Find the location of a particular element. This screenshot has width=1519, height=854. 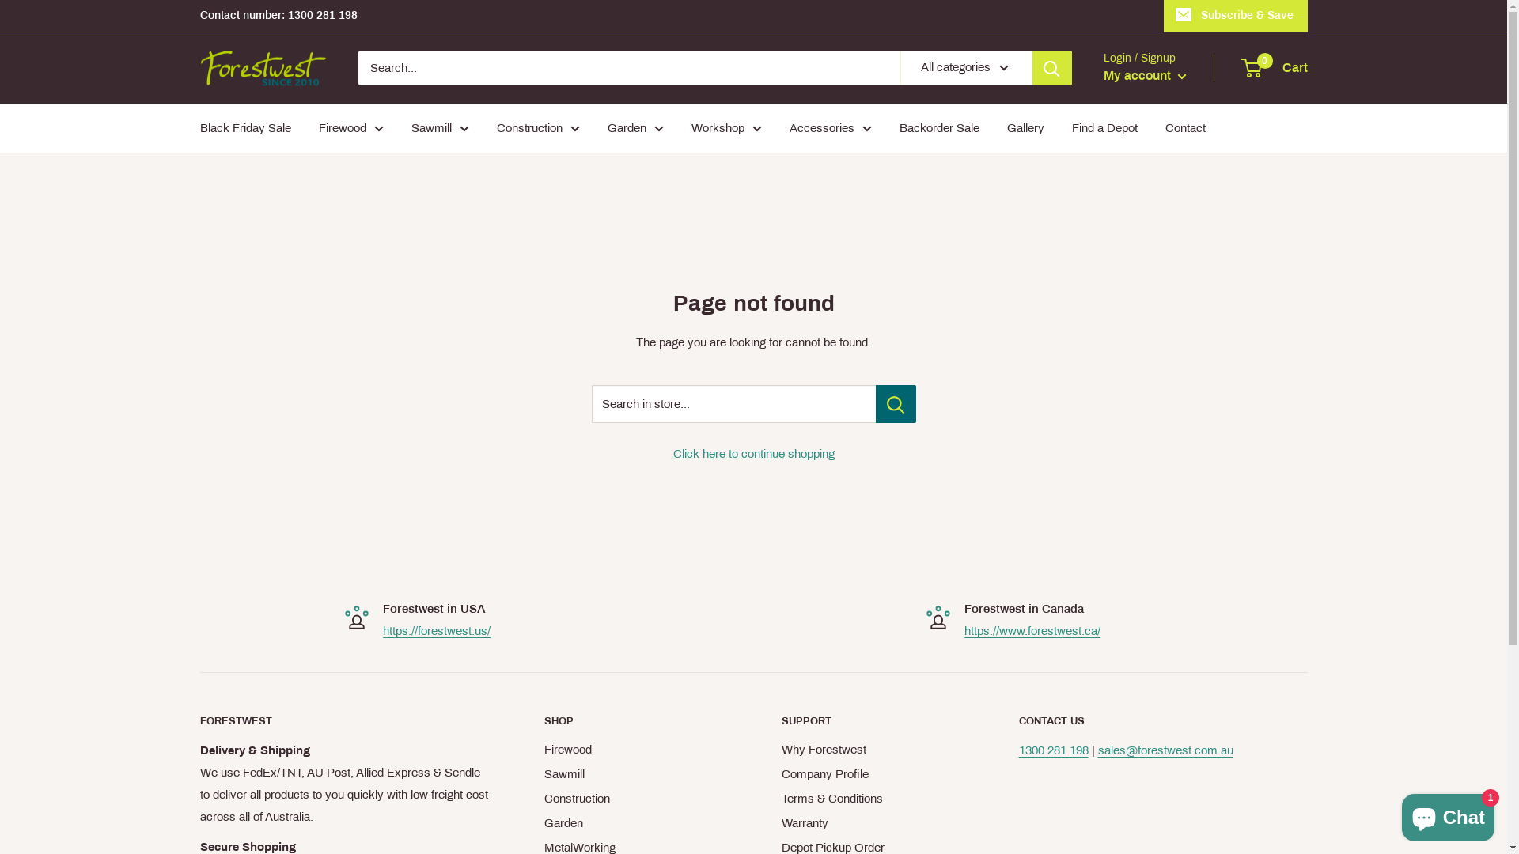

'FORESTWEST' is located at coordinates (343, 720).